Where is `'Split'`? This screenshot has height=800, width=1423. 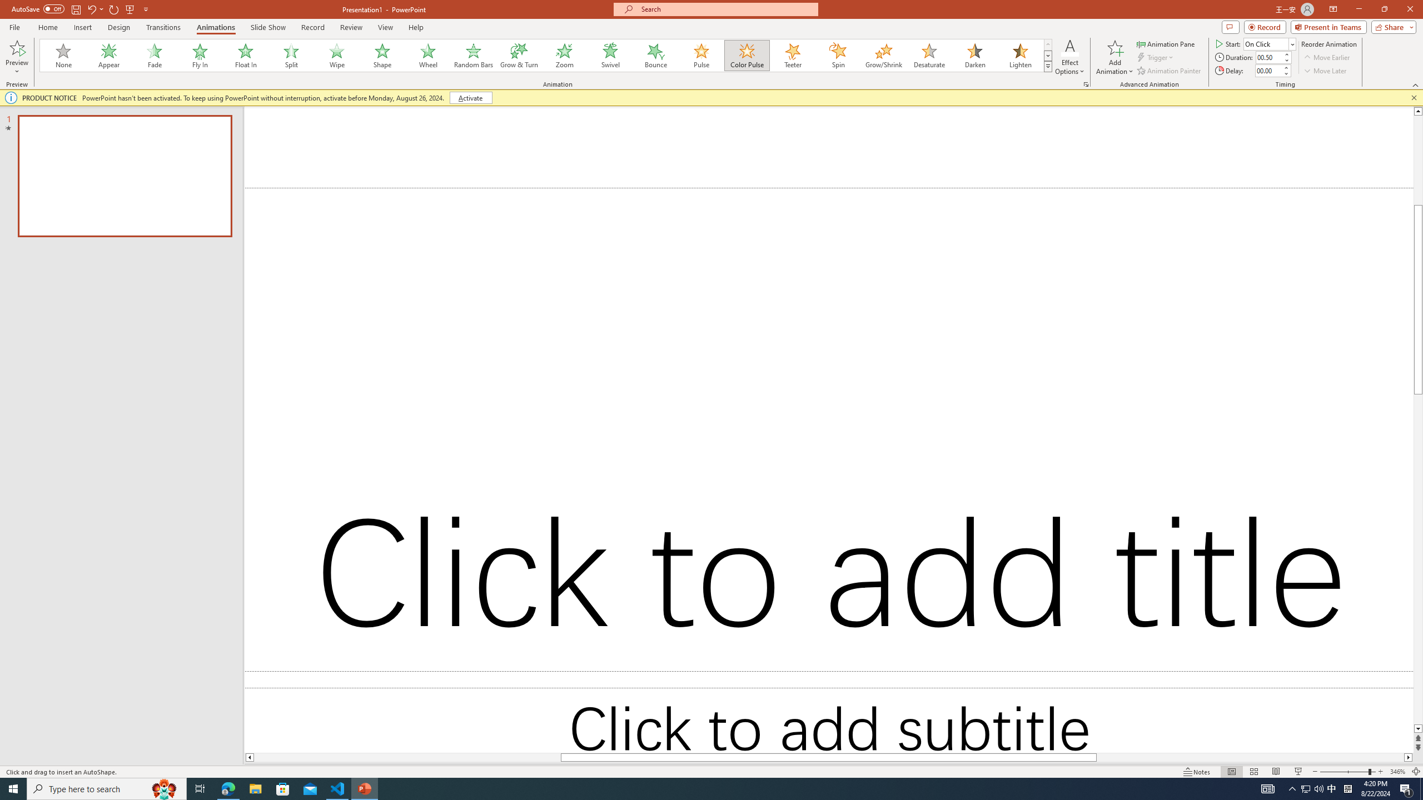 'Split' is located at coordinates (291, 55).